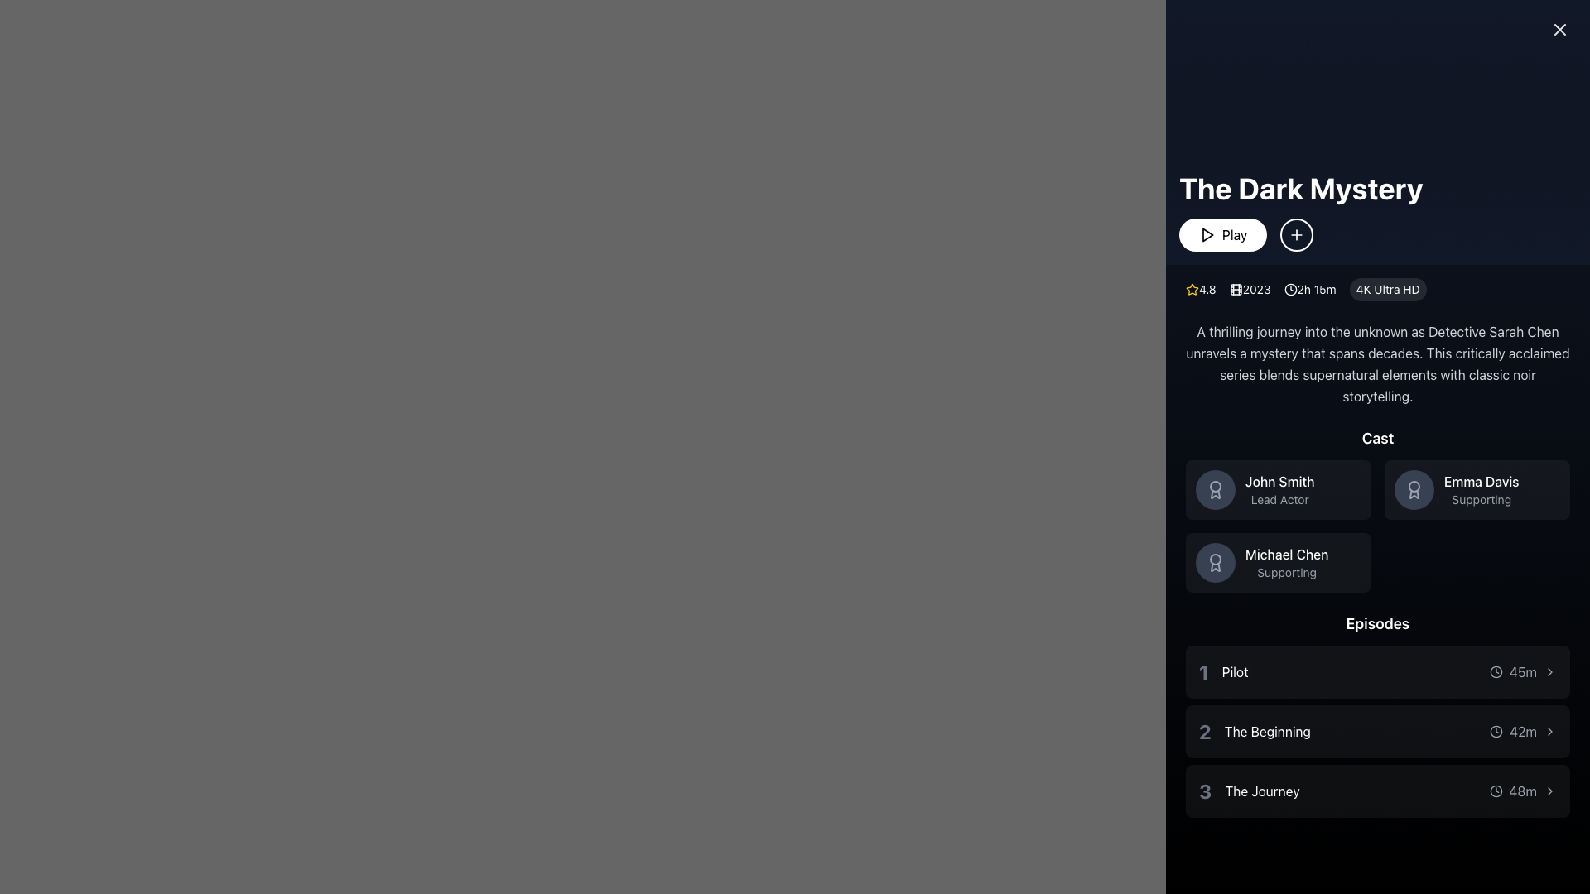  Describe the element at coordinates (1216, 566) in the screenshot. I see `the decorative subcomponent of the Award icon associated with actor Michael Chen in the Cast section` at that location.